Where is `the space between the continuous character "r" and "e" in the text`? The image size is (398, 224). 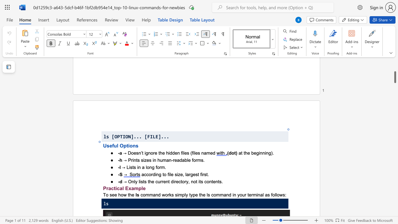 the space between the continuous character "r" and "e" in the text is located at coordinates (155, 153).